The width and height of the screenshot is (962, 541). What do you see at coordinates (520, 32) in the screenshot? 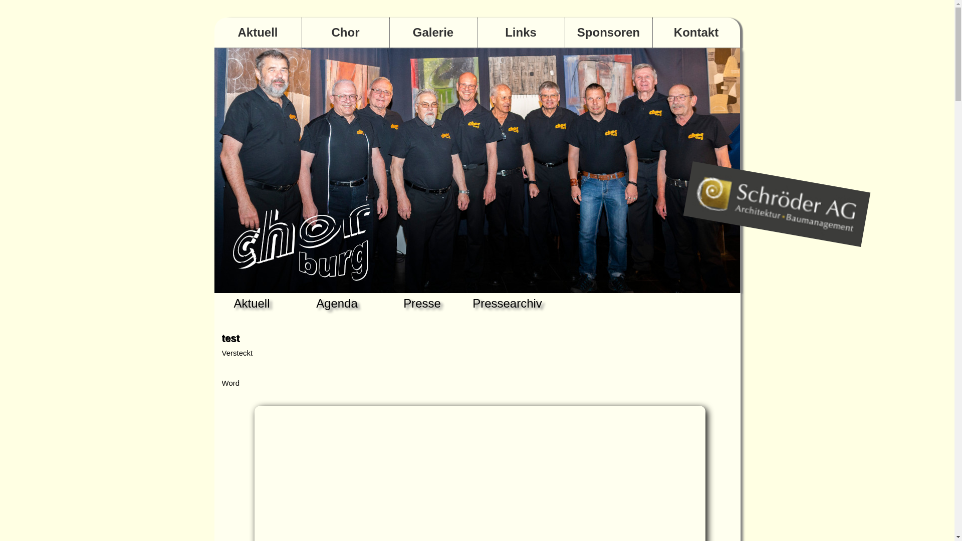
I see `'Links'` at bounding box center [520, 32].